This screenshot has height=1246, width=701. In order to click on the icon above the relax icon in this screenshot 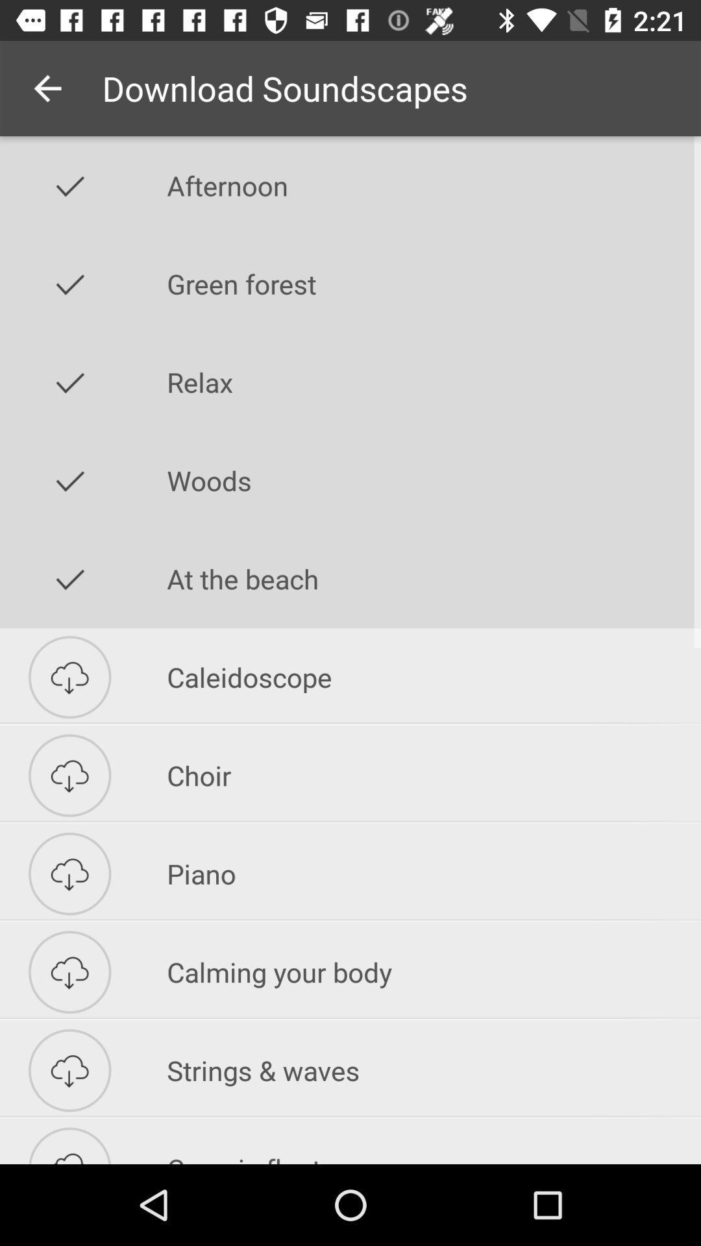, I will do `click(434, 283)`.